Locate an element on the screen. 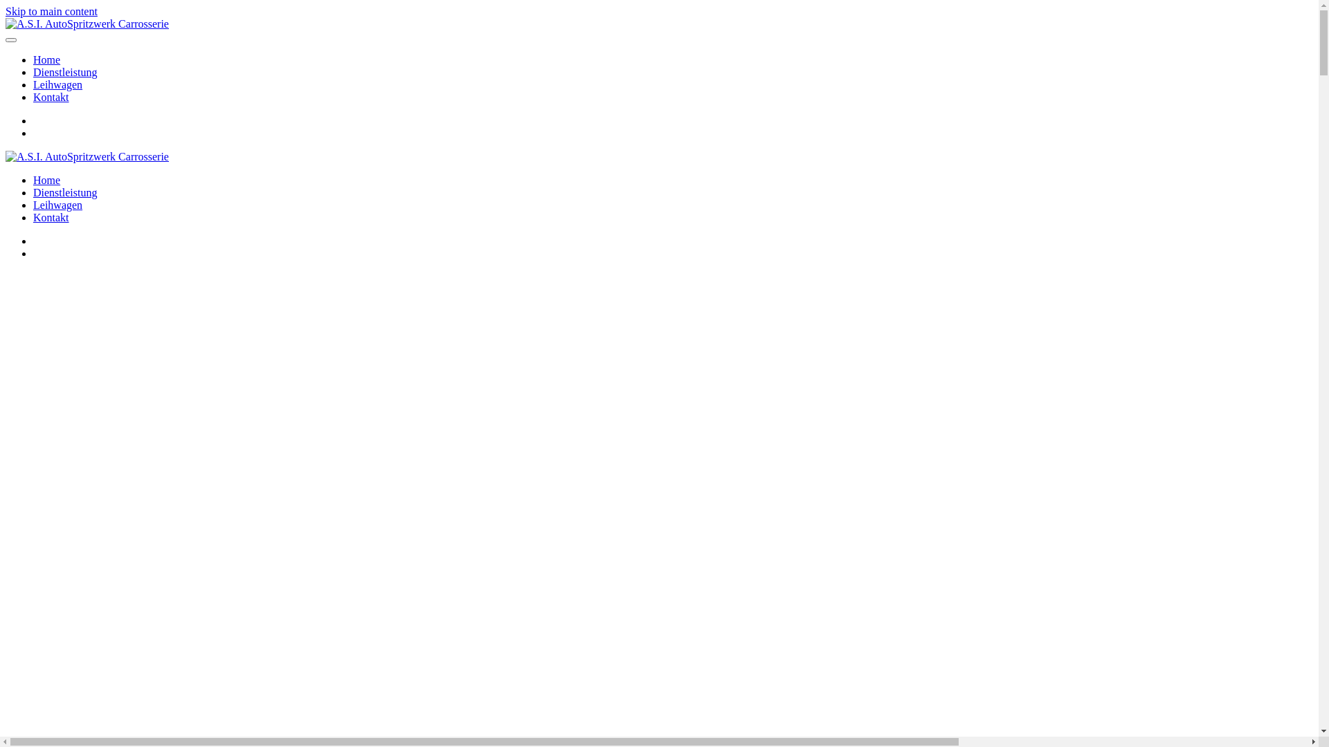 This screenshot has height=747, width=1329. 'Dienstleistung' is located at coordinates (64, 192).